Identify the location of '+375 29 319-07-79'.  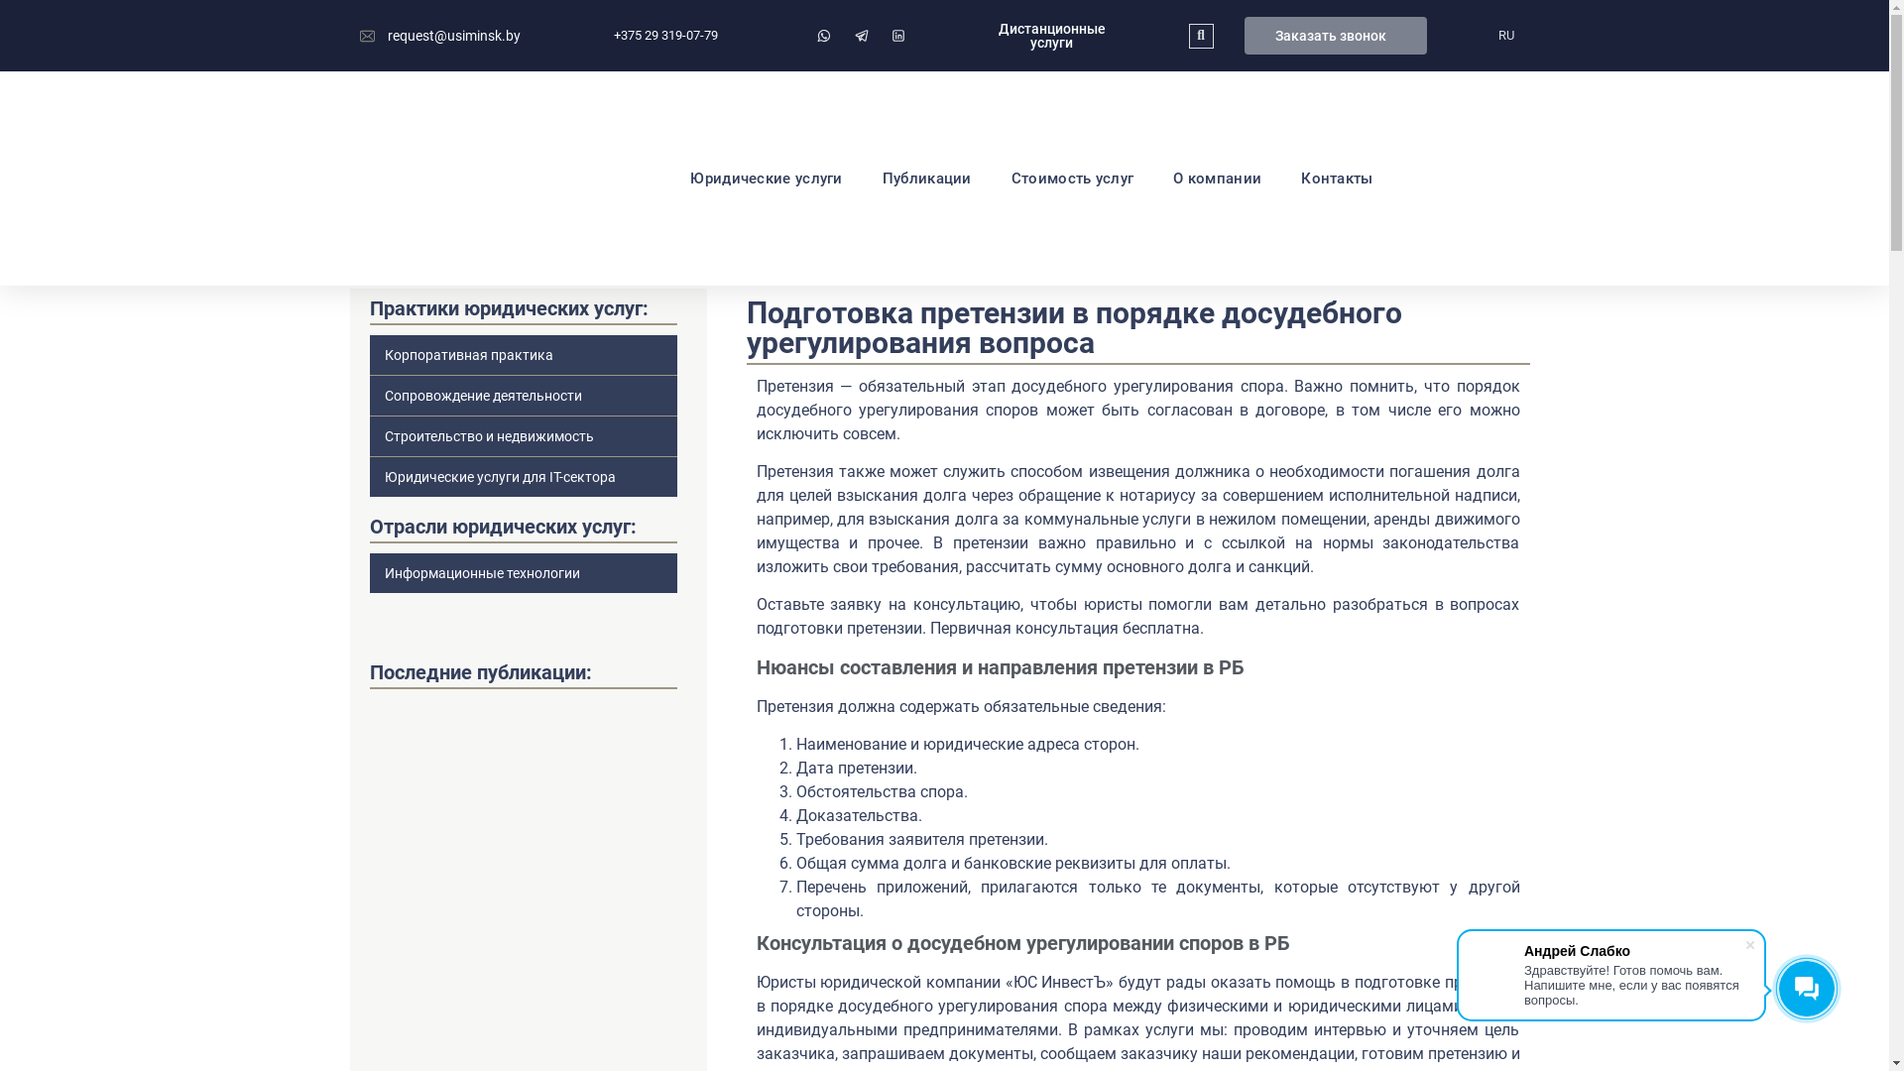
(592, 35).